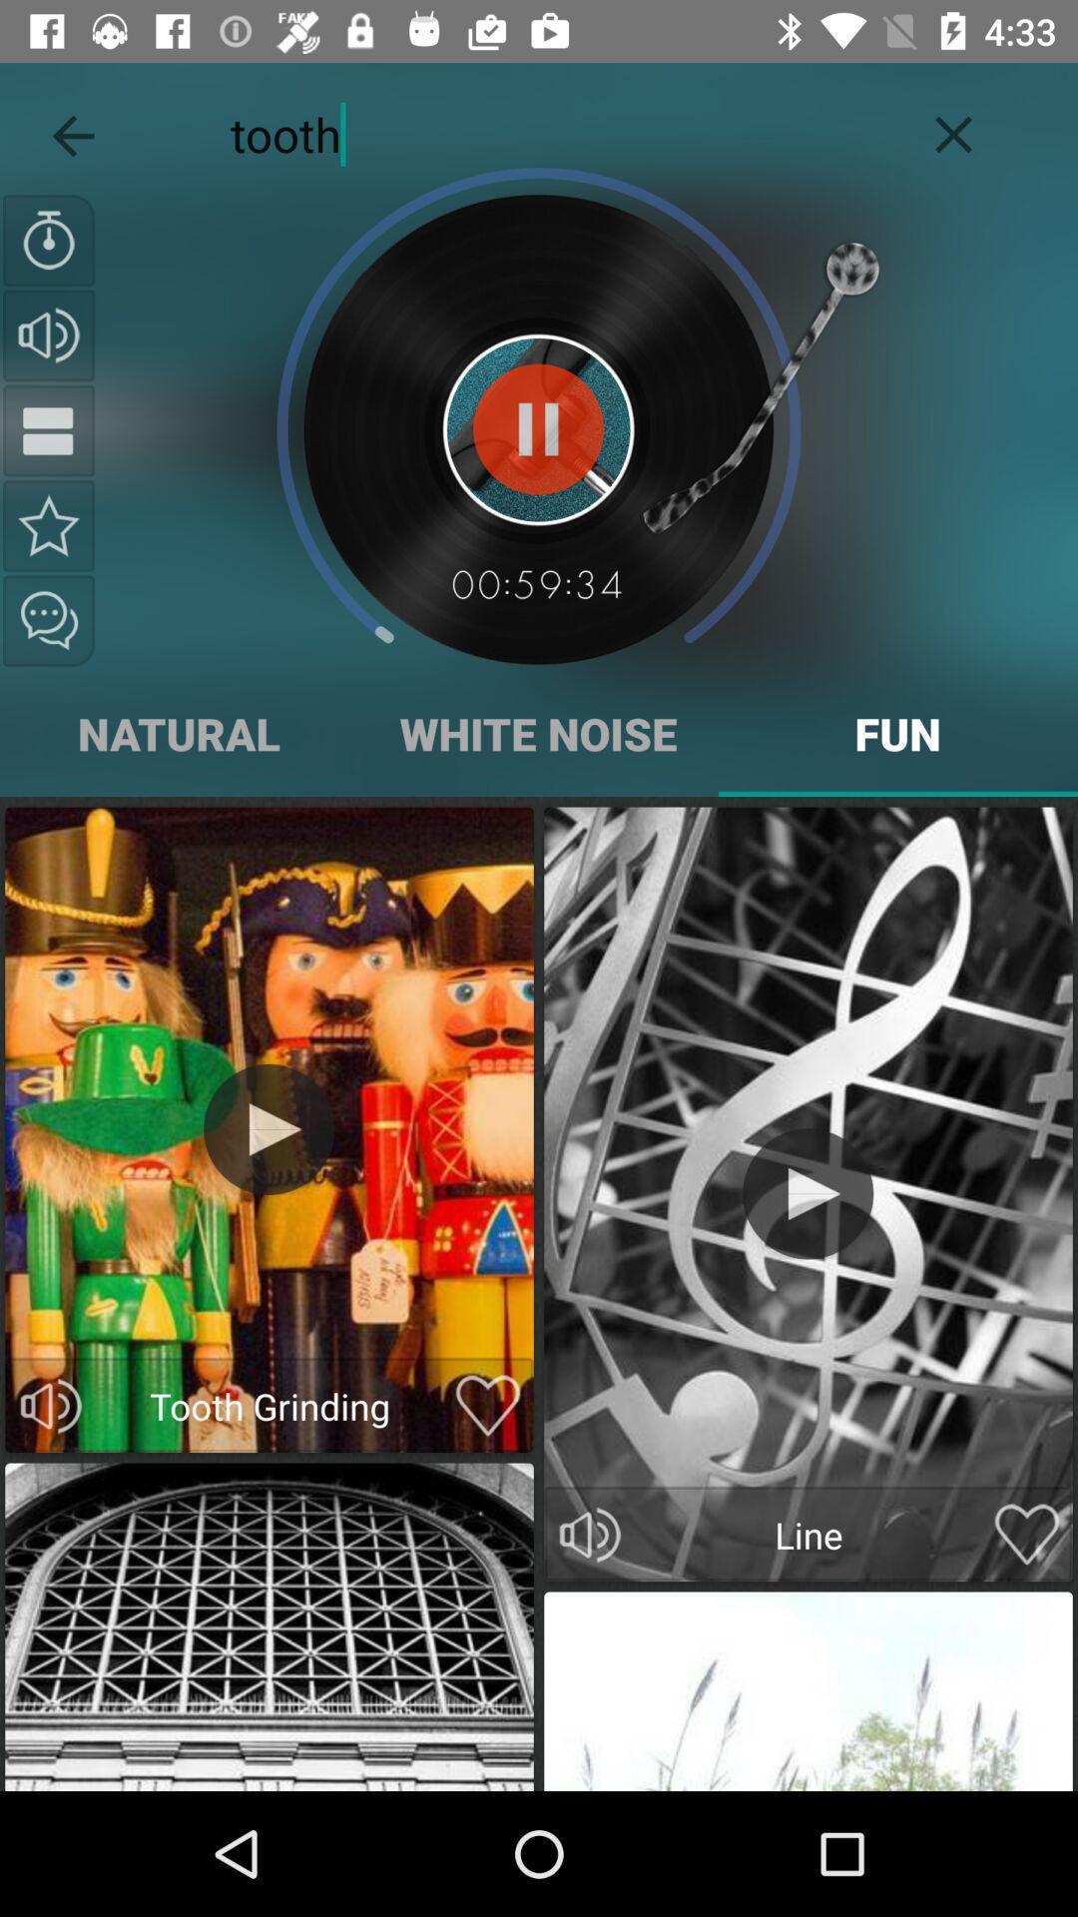 The image size is (1078, 1917). I want to click on the time icon, so click(48, 240).